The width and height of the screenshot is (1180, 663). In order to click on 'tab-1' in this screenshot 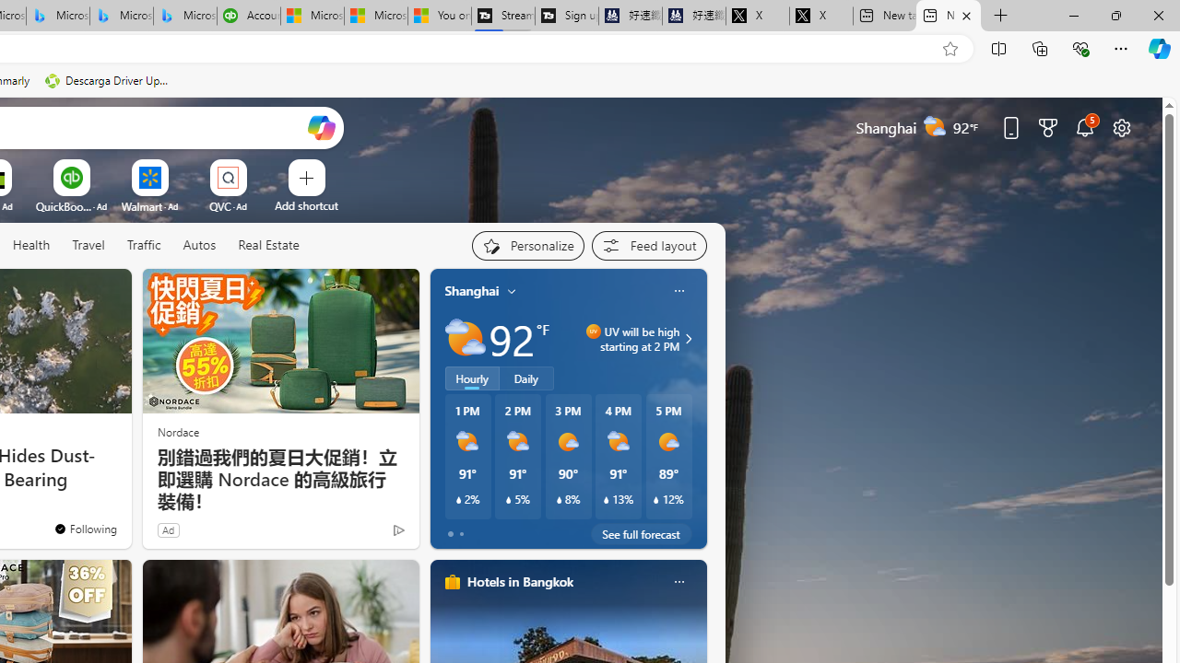, I will do `click(461, 533)`.